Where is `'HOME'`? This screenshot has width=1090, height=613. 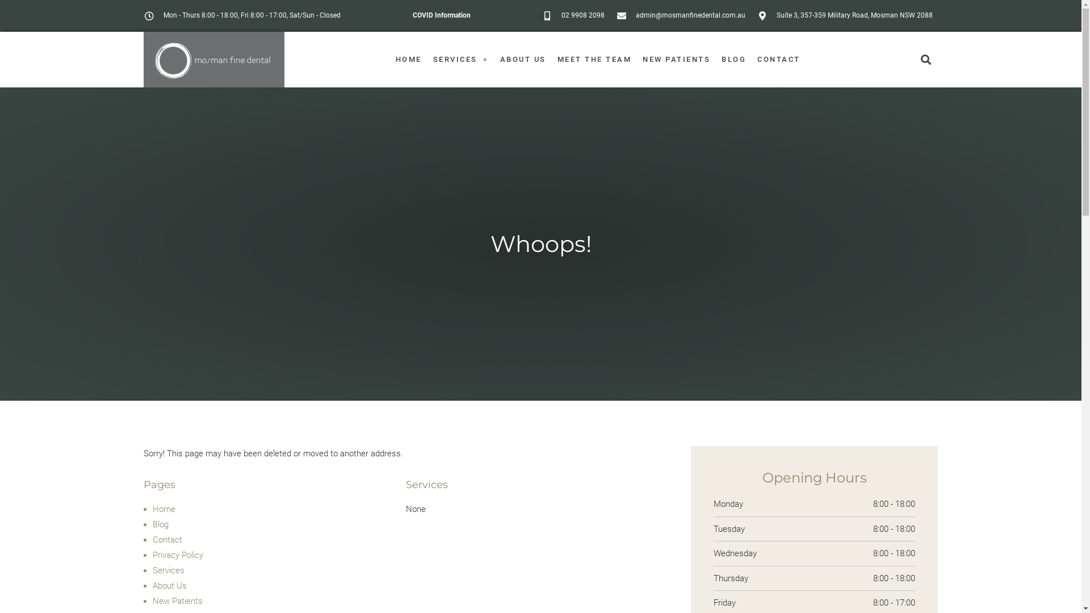 'HOME' is located at coordinates (409, 59).